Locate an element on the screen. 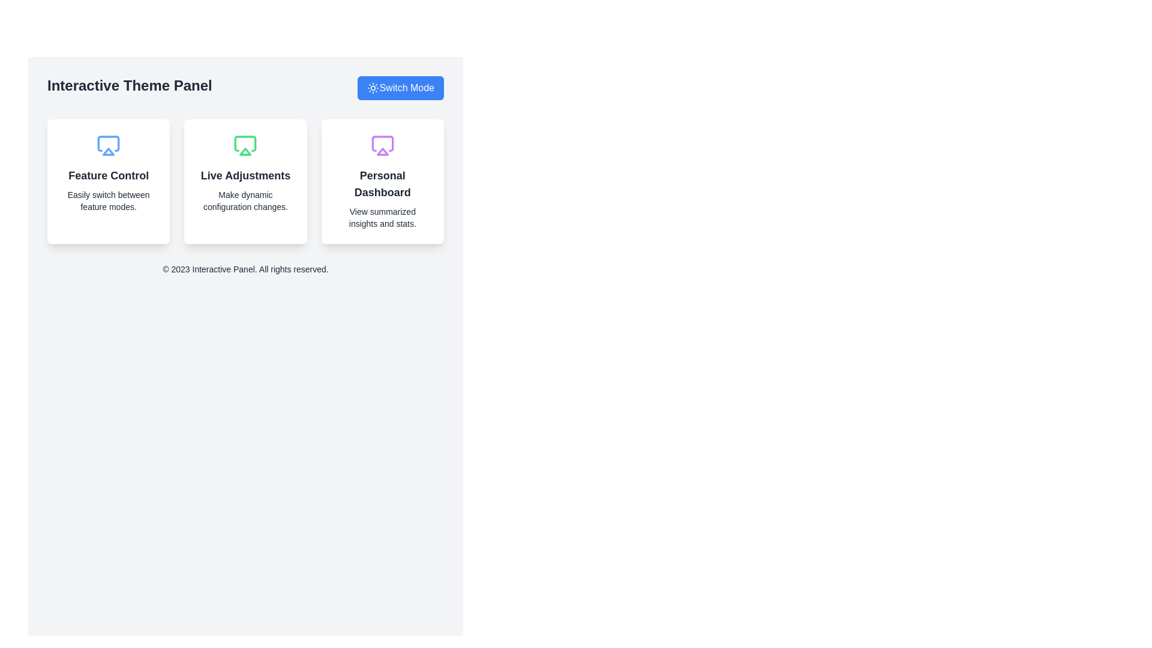 Image resolution: width=1152 pixels, height=648 pixels. the informational text that provides additional descriptive information about the 'Feature Control' feature, located beneath the 'Feature Control' title and icon in the leftmost card is located at coordinates (109, 200).